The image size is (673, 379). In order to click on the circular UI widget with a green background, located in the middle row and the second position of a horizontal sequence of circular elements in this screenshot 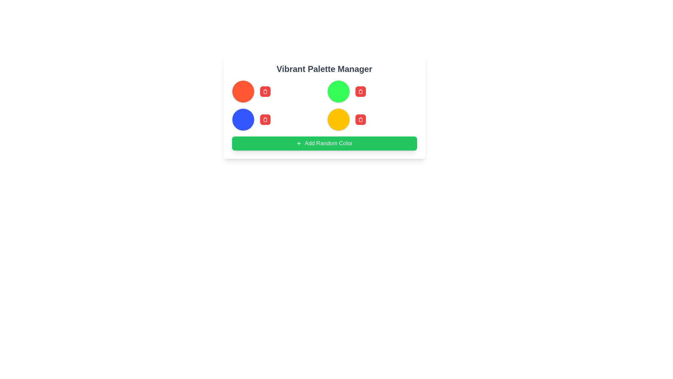, I will do `click(338, 91)`.